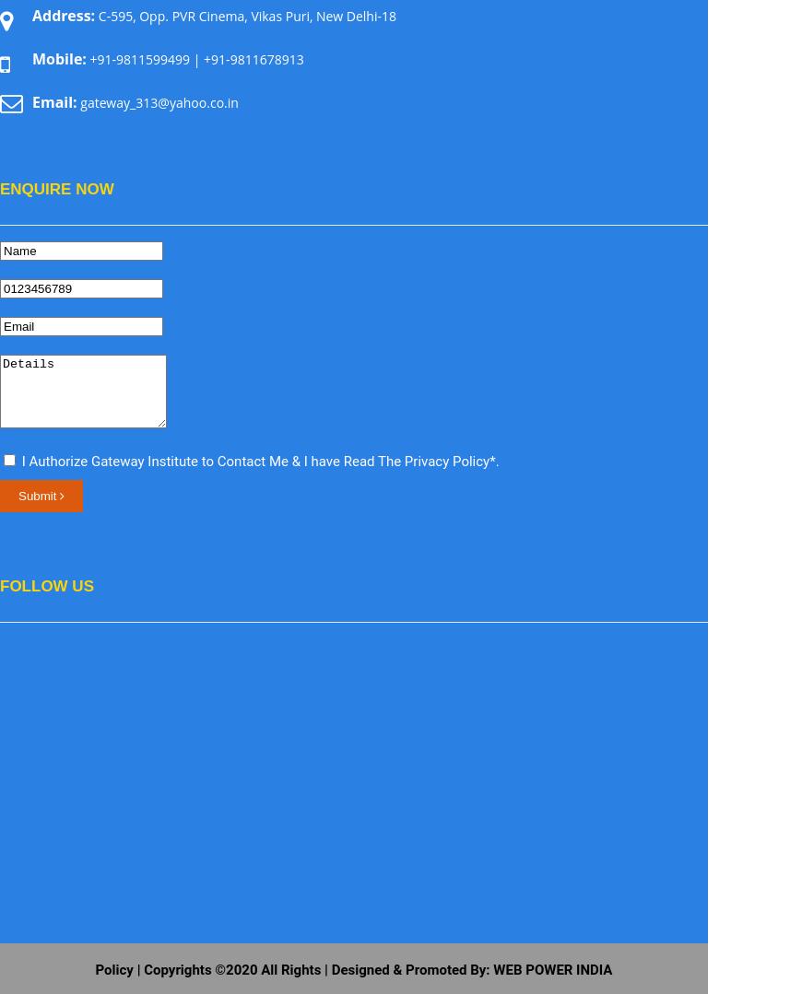 The width and height of the screenshot is (802, 994). Describe the element at coordinates (495, 461) in the screenshot. I see `'.'` at that location.